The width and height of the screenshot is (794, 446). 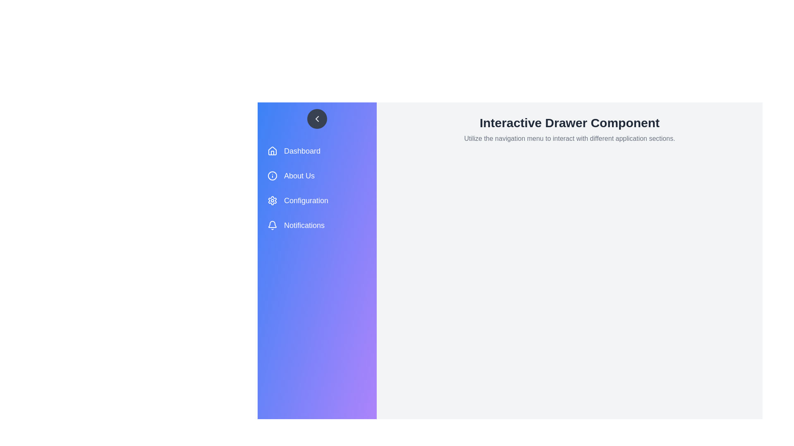 What do you see at coordinates (320, 175) in the screenshot?
I see `the 'About Us' button located in the navigation drawer, which is the second item below 'Dashboard' and above 'Configuration'` at bounding box center [320, 175].